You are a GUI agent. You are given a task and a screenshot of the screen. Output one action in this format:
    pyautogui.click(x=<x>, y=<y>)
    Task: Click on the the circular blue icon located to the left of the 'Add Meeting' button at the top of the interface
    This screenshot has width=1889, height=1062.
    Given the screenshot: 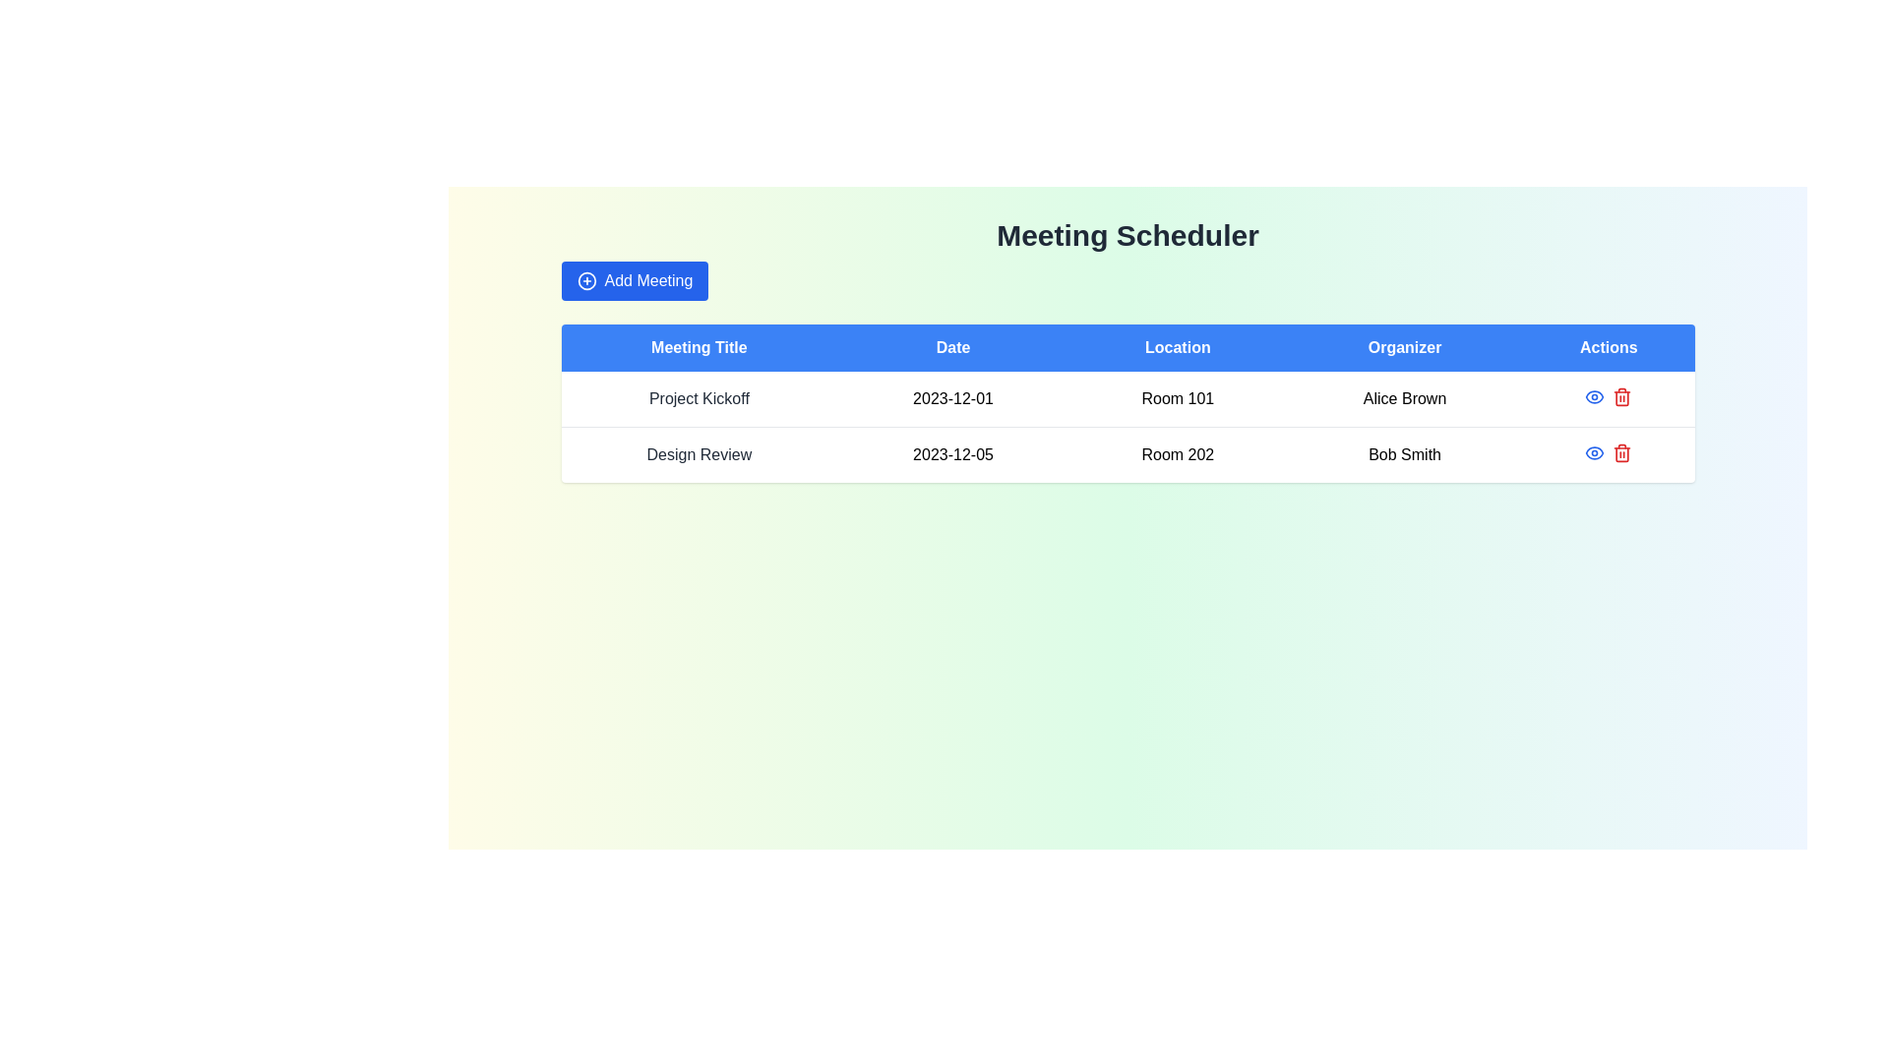 What is the action you would take?
    pyautogui.click(x=585, y=280)
    